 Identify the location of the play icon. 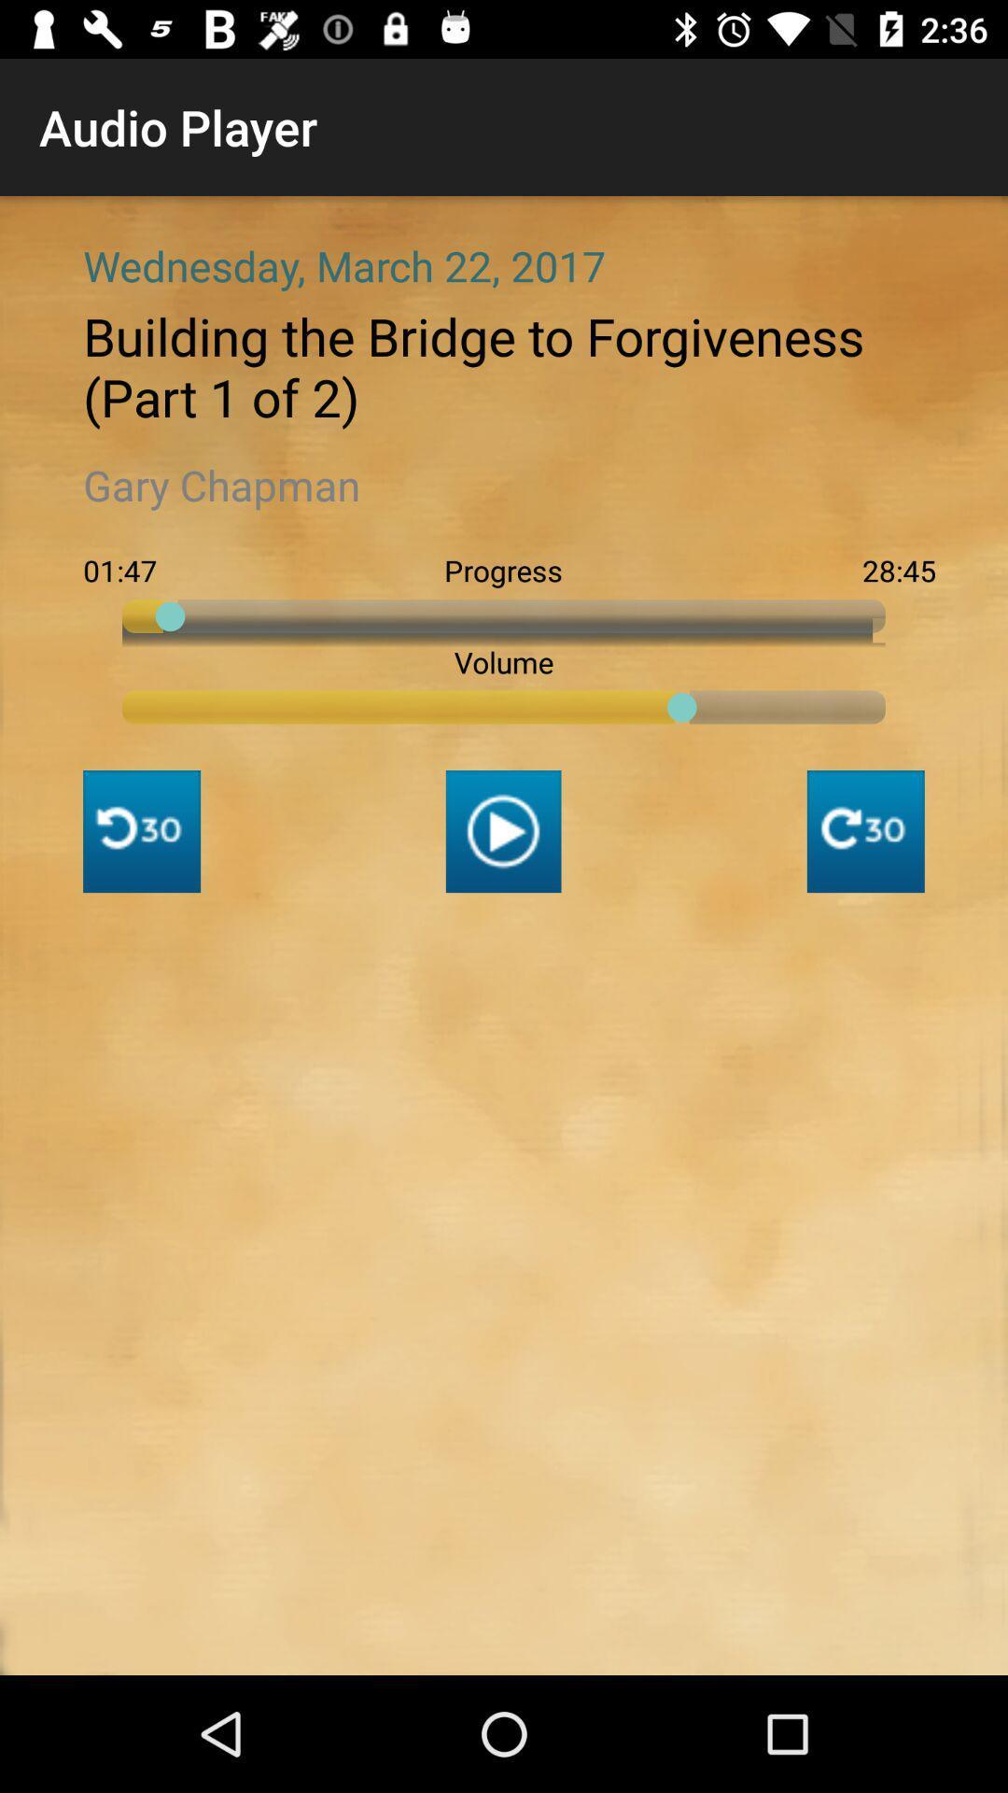
(502, 830).